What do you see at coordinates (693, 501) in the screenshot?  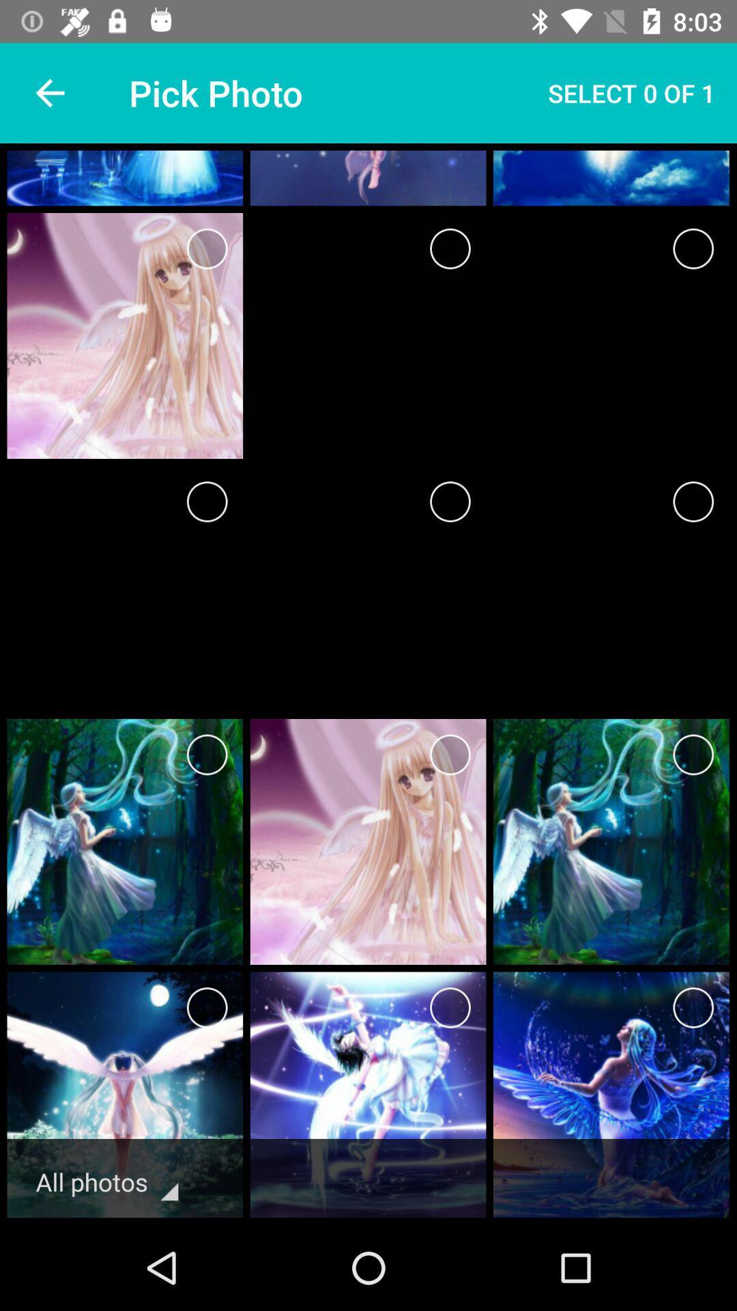 I see `selection option` at bounding box center [693, 501].